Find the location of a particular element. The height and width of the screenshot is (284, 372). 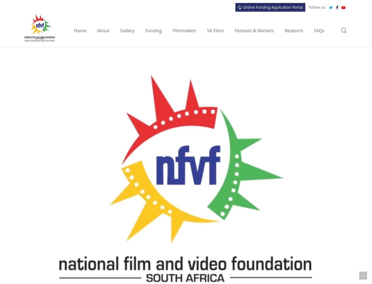

'Home' is located at coordinates (80, 30).